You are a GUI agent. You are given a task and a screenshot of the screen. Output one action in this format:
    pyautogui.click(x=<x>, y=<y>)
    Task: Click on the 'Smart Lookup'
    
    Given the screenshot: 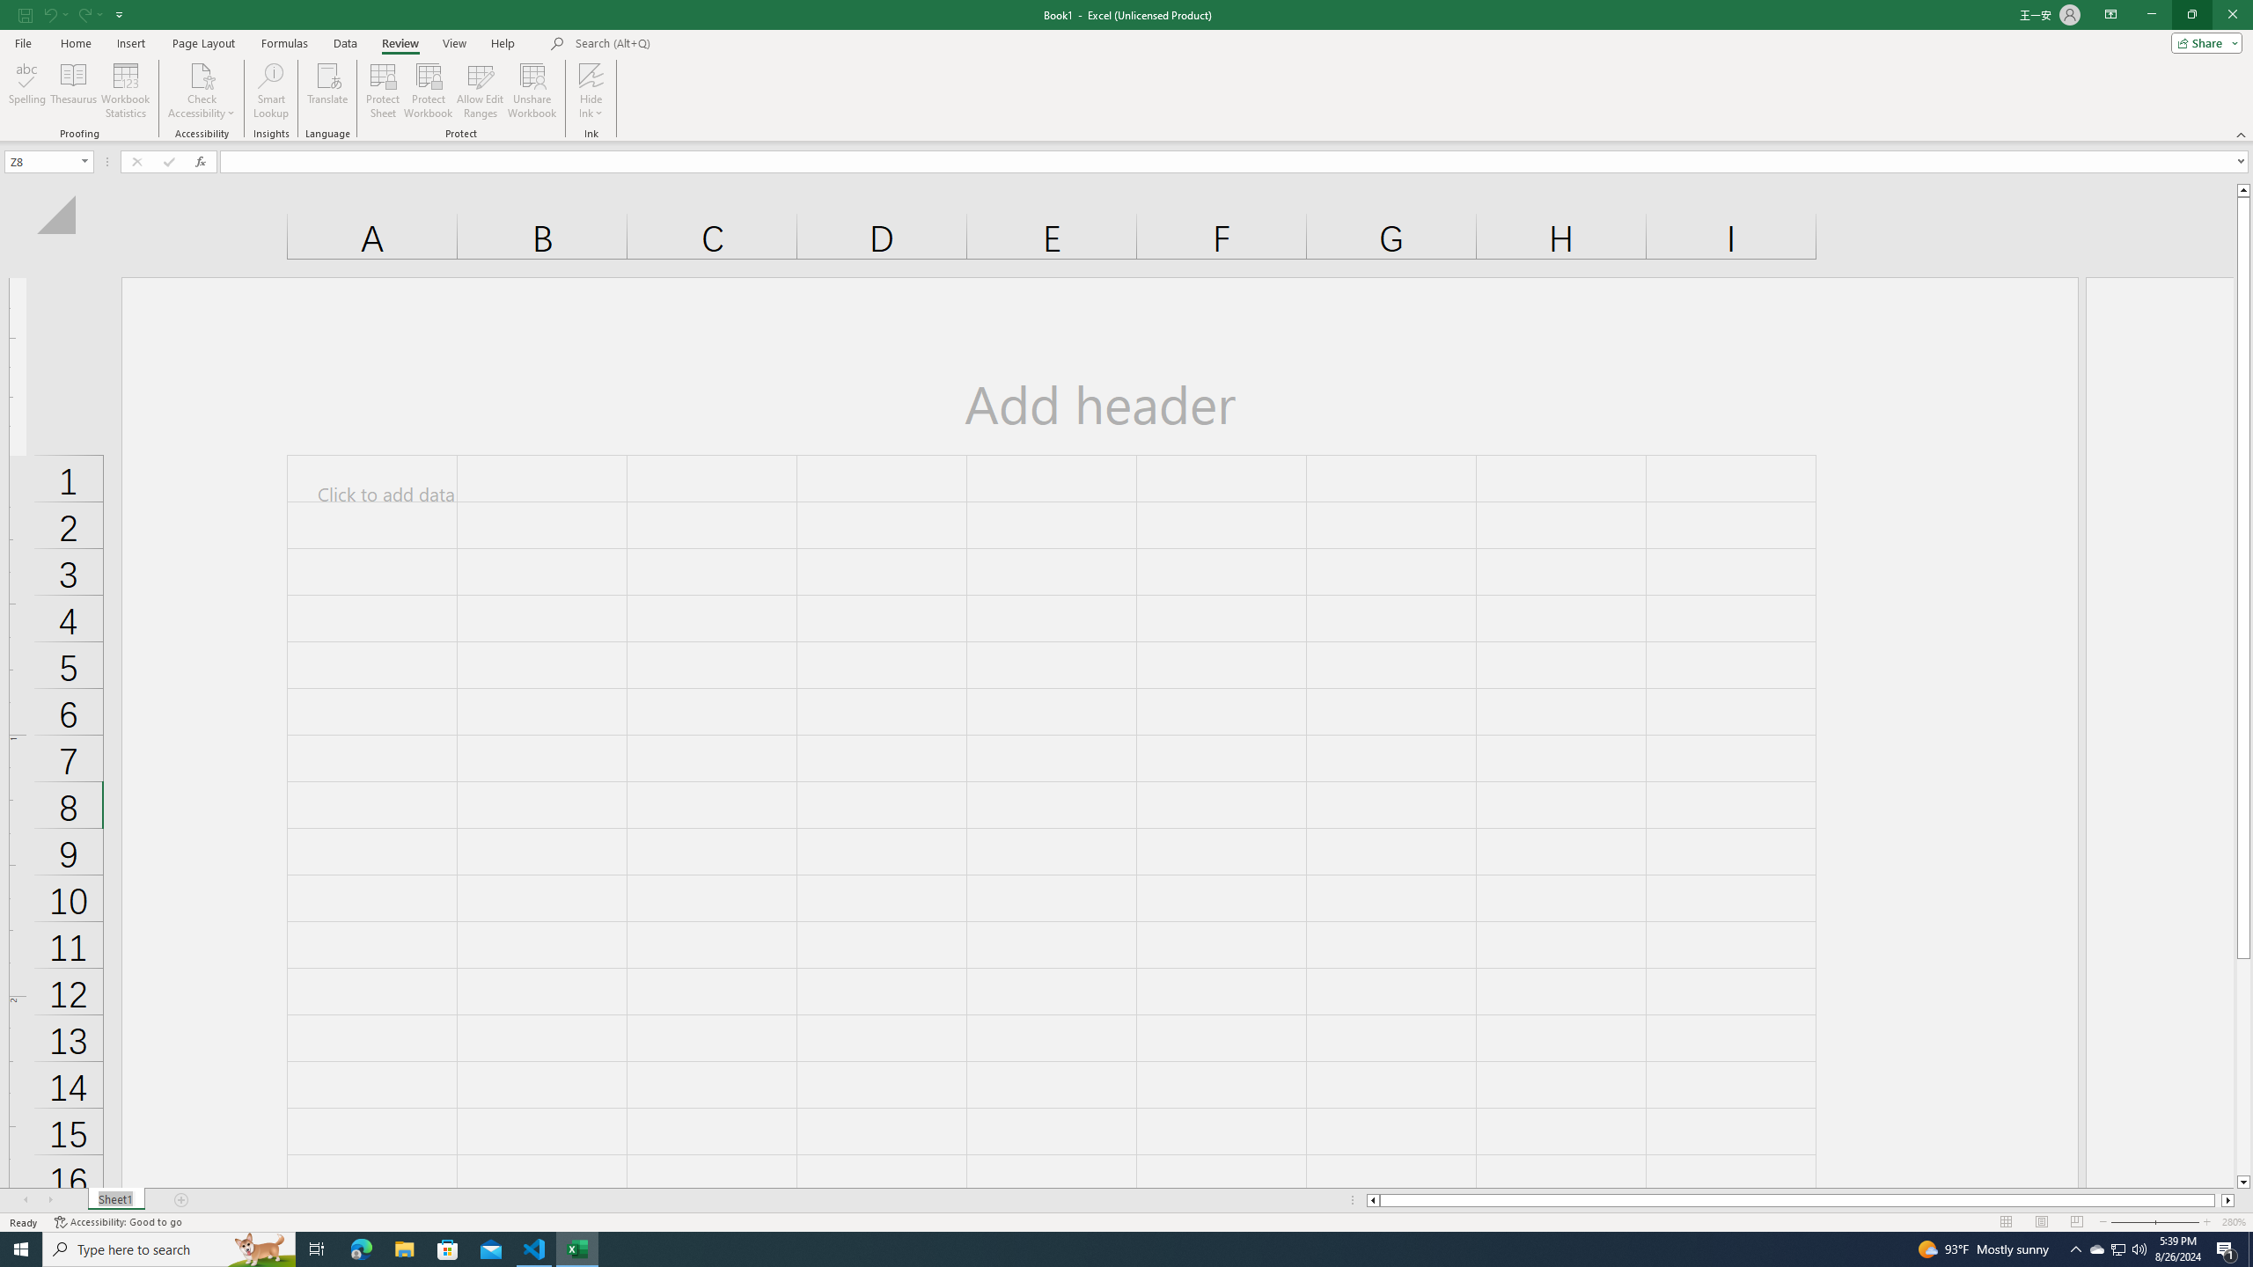 What is the action you would take?
    pyautogui.click(x=270, y=91)
    